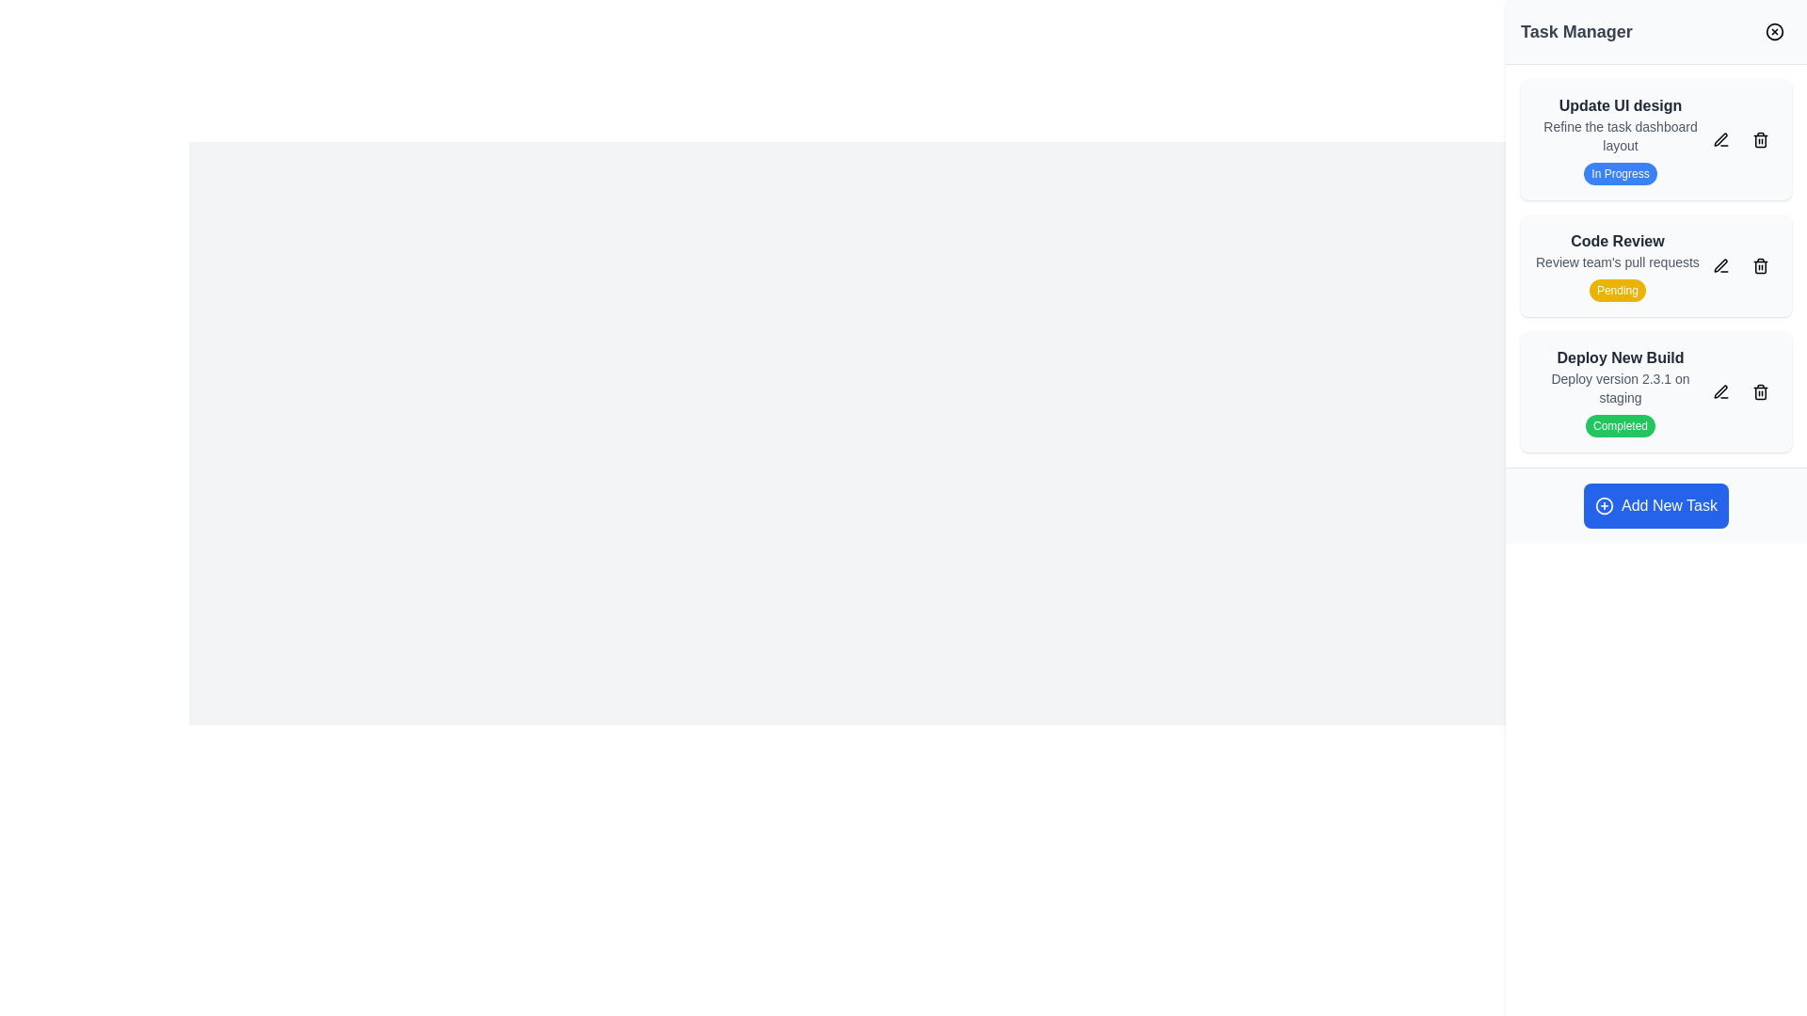  Describe the element at coordinates (1720, 265) in the screenshot. I see `the edit icon, which is a vector graphic styled as a pen or pencil, located to the right of the 'Code Review' task block title in the task management interface` at that location.